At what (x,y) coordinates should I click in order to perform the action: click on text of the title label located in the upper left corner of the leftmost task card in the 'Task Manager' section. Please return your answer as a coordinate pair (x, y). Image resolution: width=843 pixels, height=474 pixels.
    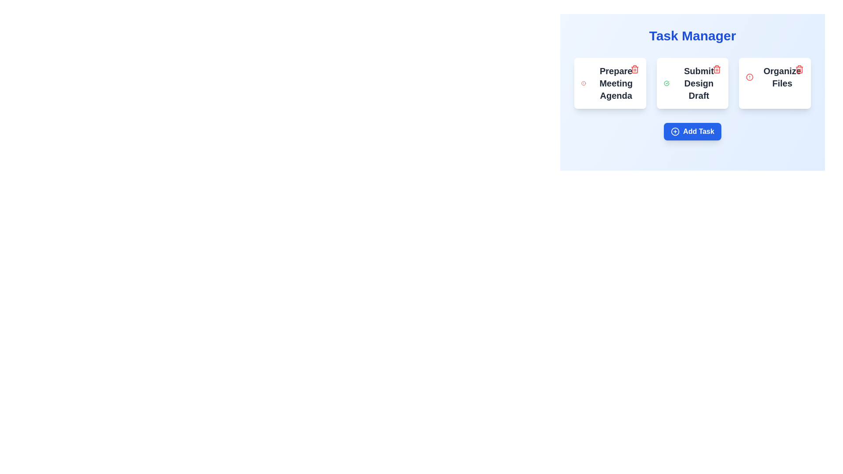
    Looking at the image, I should click on (616, 83).